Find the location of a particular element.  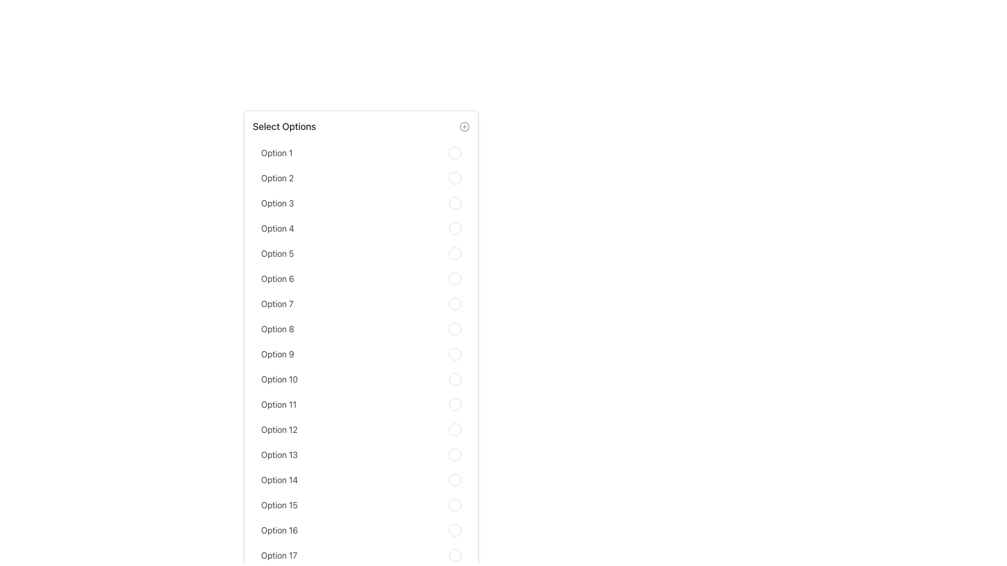

the radio button labeled 'Option 3' is located at coordinates (455, 203).